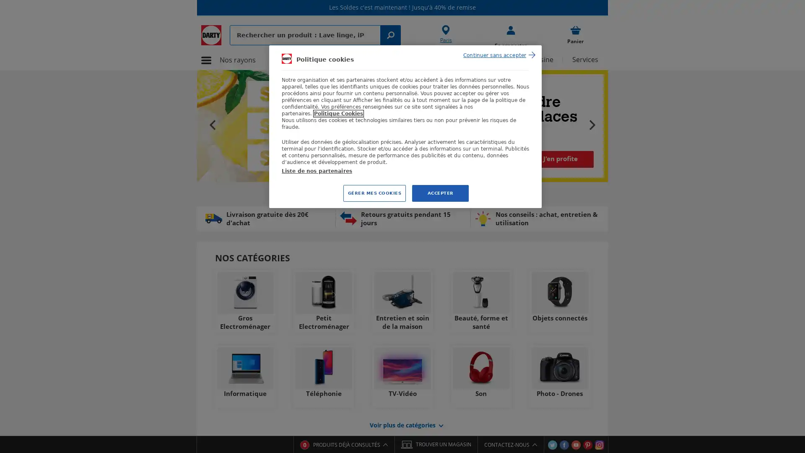 The image size is (805, 453). I want to click on ACCEPTER, so click(440, 193).